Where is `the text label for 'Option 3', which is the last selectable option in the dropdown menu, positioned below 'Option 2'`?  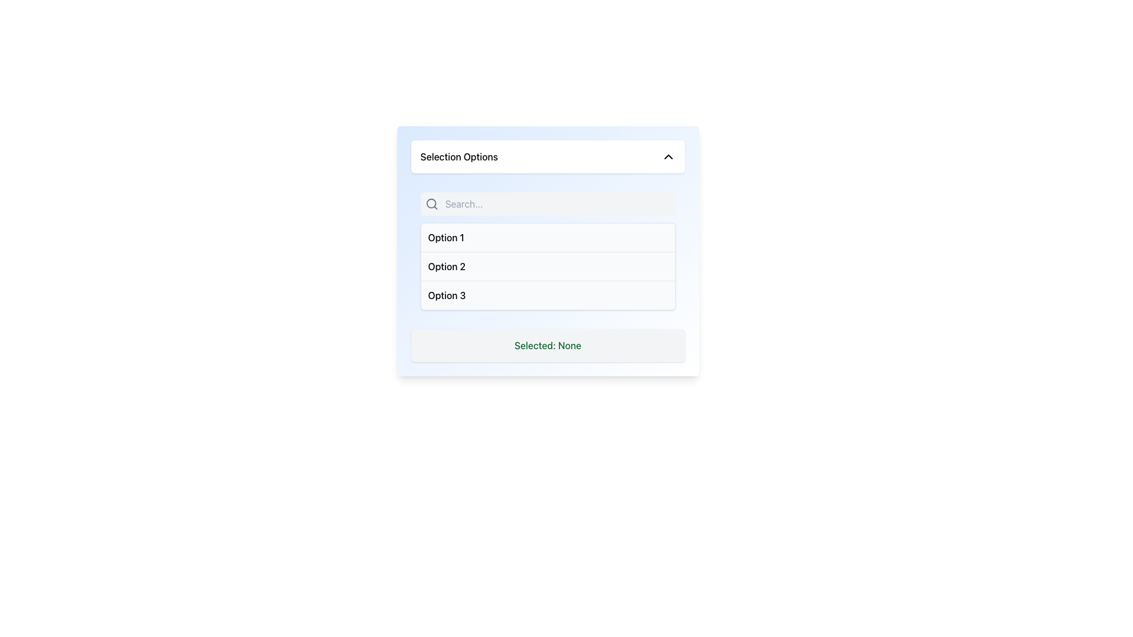
the text label for 'Option 3', which is the last selectable option in the dropdown menu, positioned below 'Option 2' is located at coordinates (446, 295).